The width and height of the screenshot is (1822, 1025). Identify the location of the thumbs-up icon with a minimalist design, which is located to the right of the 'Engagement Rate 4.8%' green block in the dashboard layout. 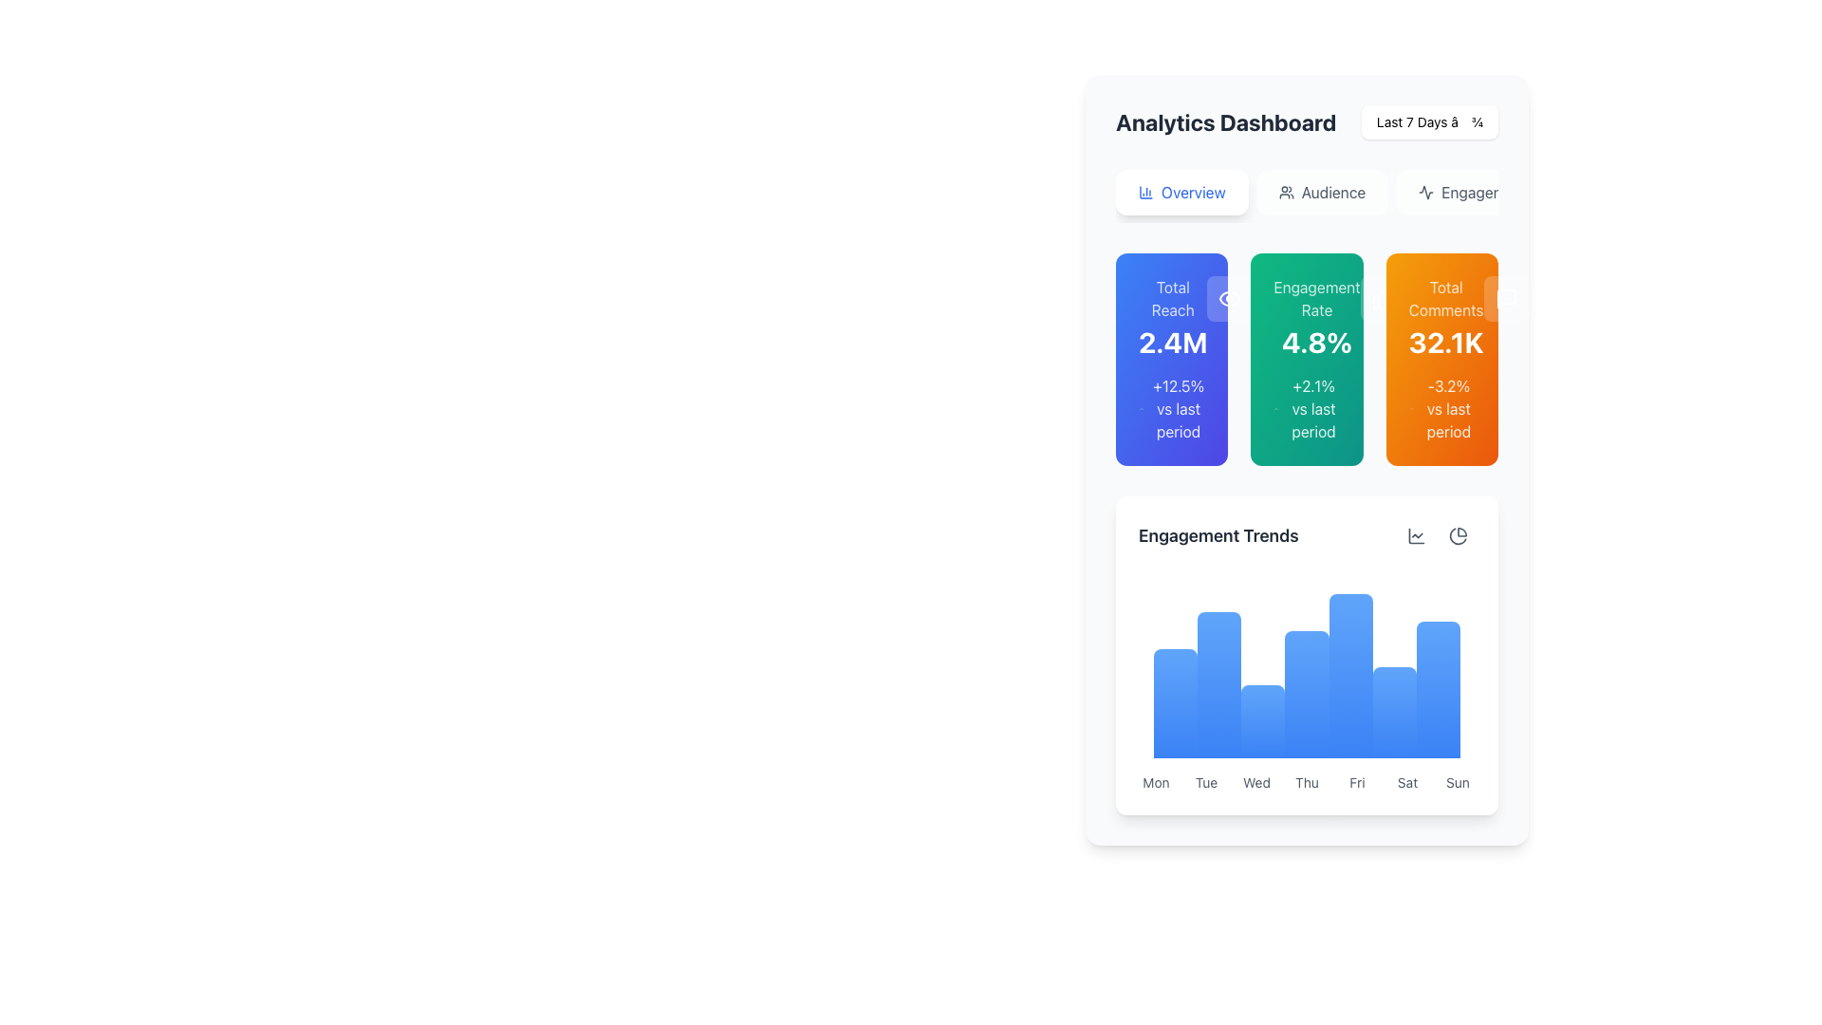
(1383, 299).